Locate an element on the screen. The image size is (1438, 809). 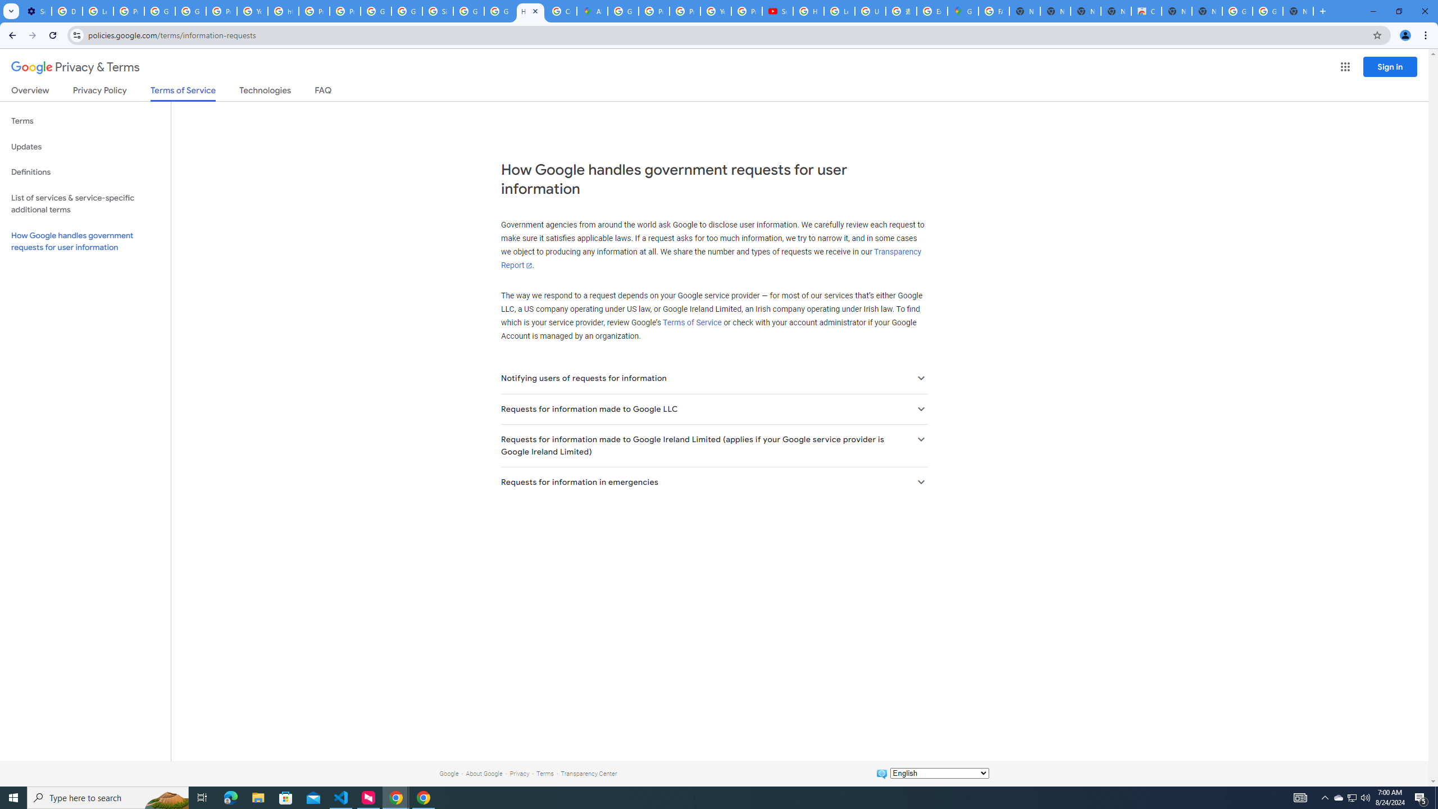
'Explore new street-level details - Google Maps Help' is located at coordinates (931, 11).